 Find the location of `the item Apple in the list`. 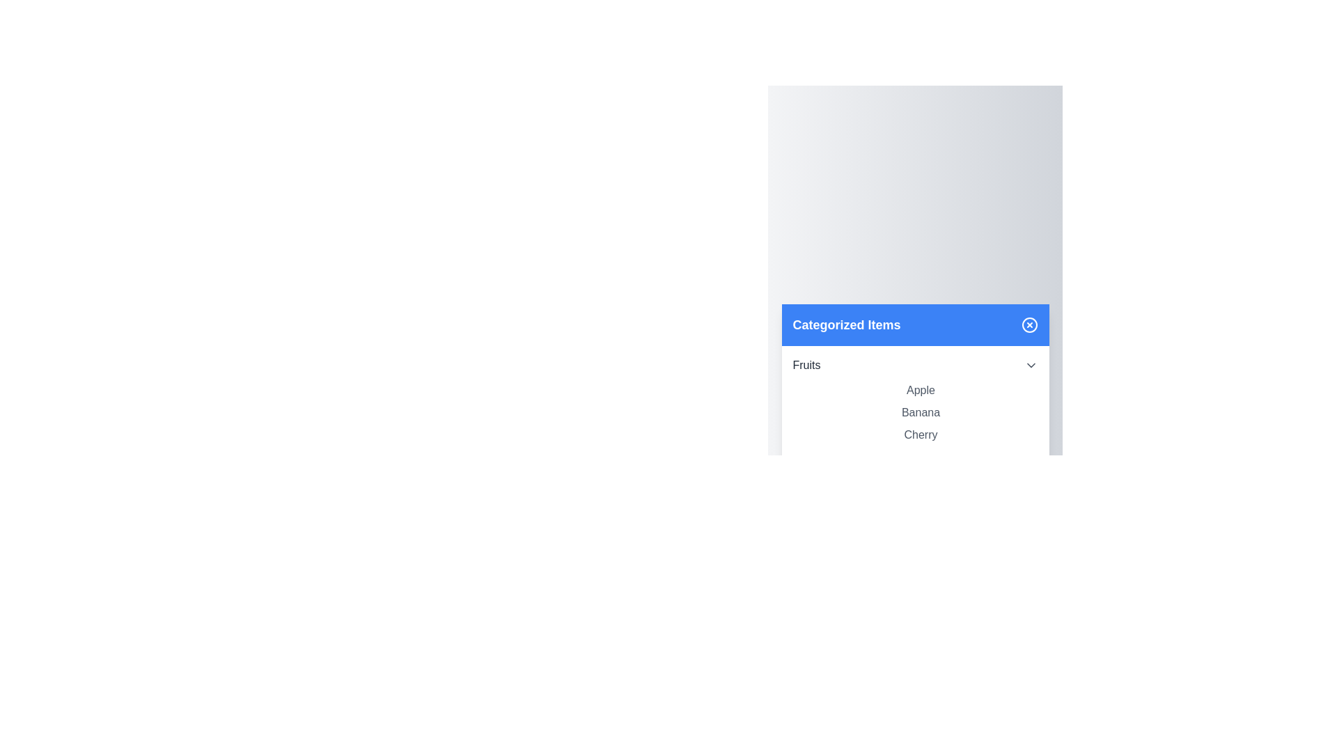

the item Apple in the list is located at coordinates (921, 390).